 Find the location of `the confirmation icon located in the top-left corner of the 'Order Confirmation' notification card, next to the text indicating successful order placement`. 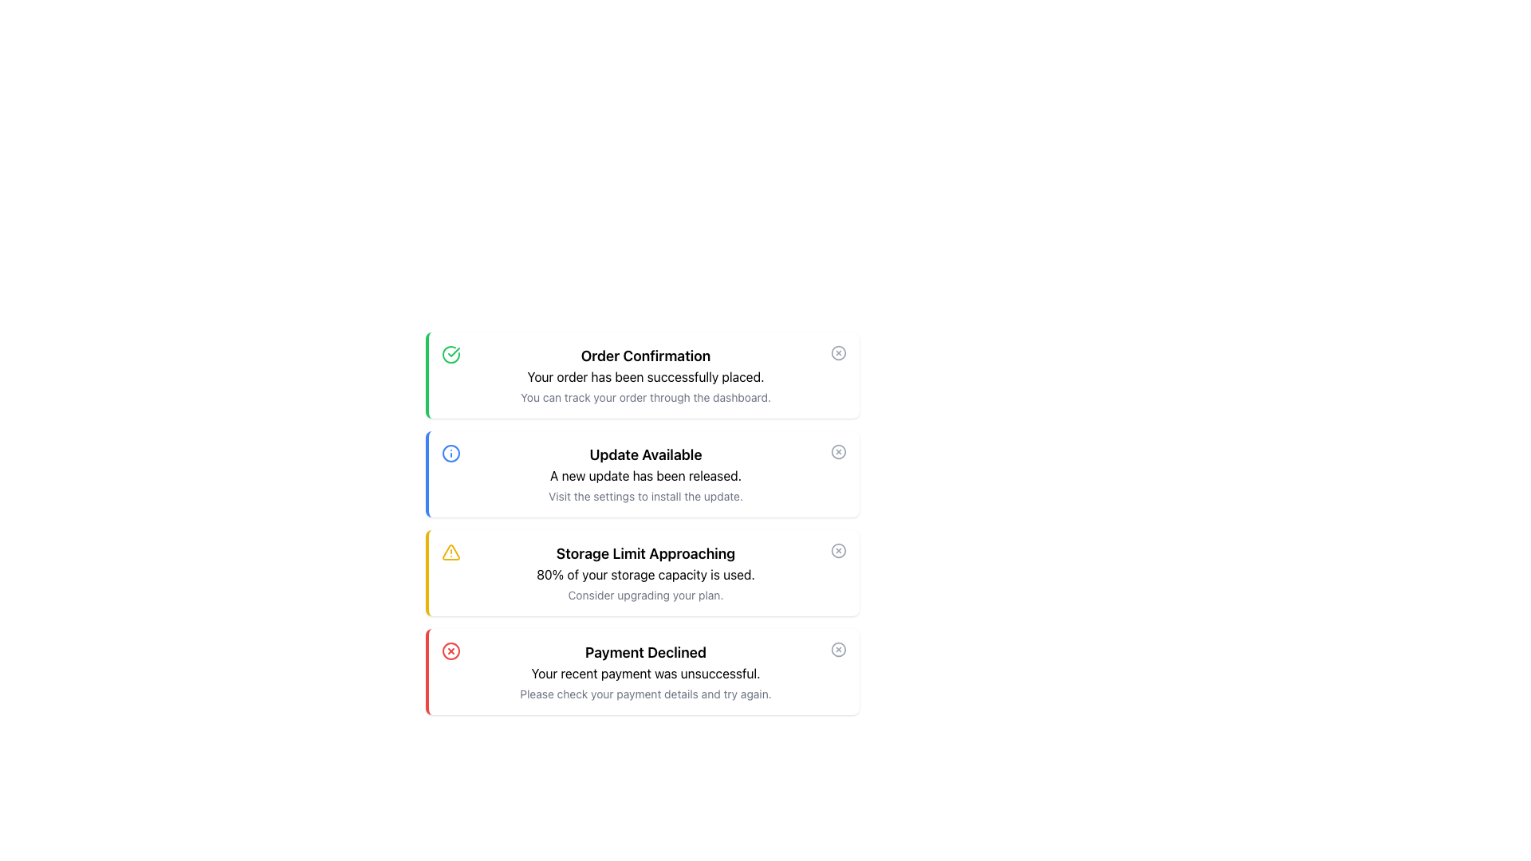

the confirmation icon located in the top-left corner of the 'Order Confirmation' notification card, next to the text indicating successful order placement is located at coordinates (451, 353).